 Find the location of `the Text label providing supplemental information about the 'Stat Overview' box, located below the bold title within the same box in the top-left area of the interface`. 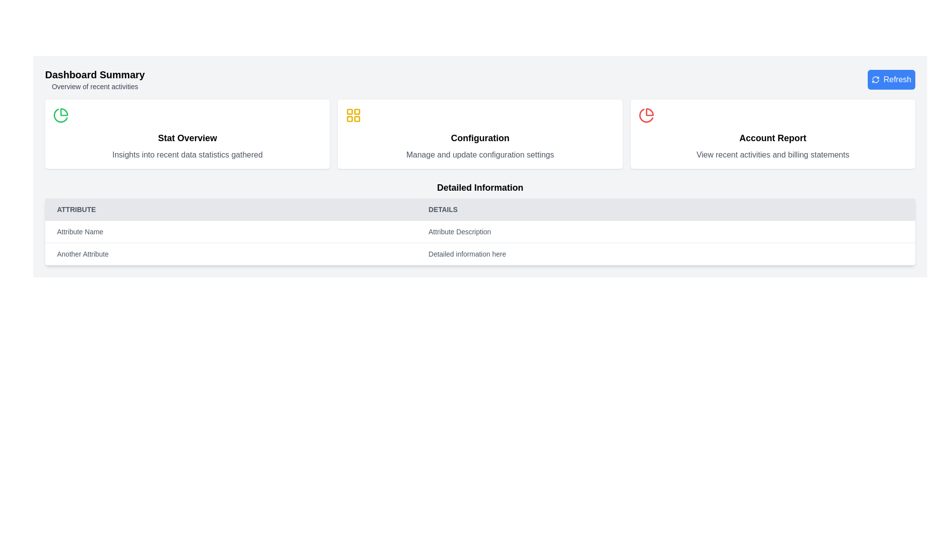

the Text label providing supplemental information about the 'Stat Overview' box, located below the bold title within the same box in the top-left area of the interface is located at coordinates (187, 155).